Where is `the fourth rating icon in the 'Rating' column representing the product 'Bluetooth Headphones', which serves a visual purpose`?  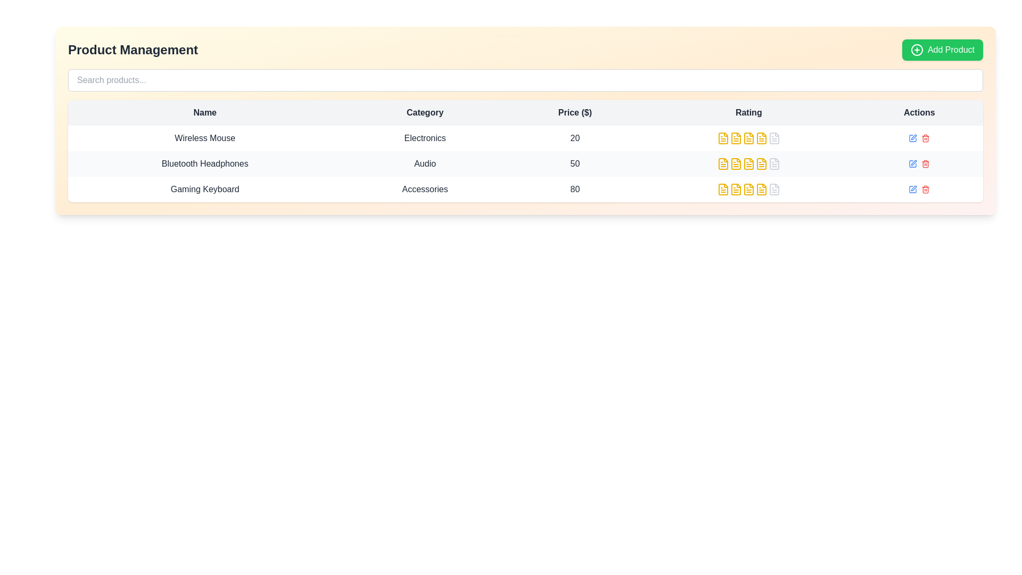
the fourth rating icon in the 'Rating' column representing the product 'Bluetooth Headphones', which serves a visual purpose is located at coordinates (748, 164).